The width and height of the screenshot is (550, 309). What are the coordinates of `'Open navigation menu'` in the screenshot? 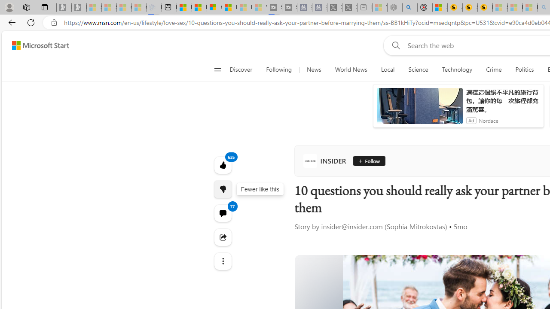 It's located at (217, 70).